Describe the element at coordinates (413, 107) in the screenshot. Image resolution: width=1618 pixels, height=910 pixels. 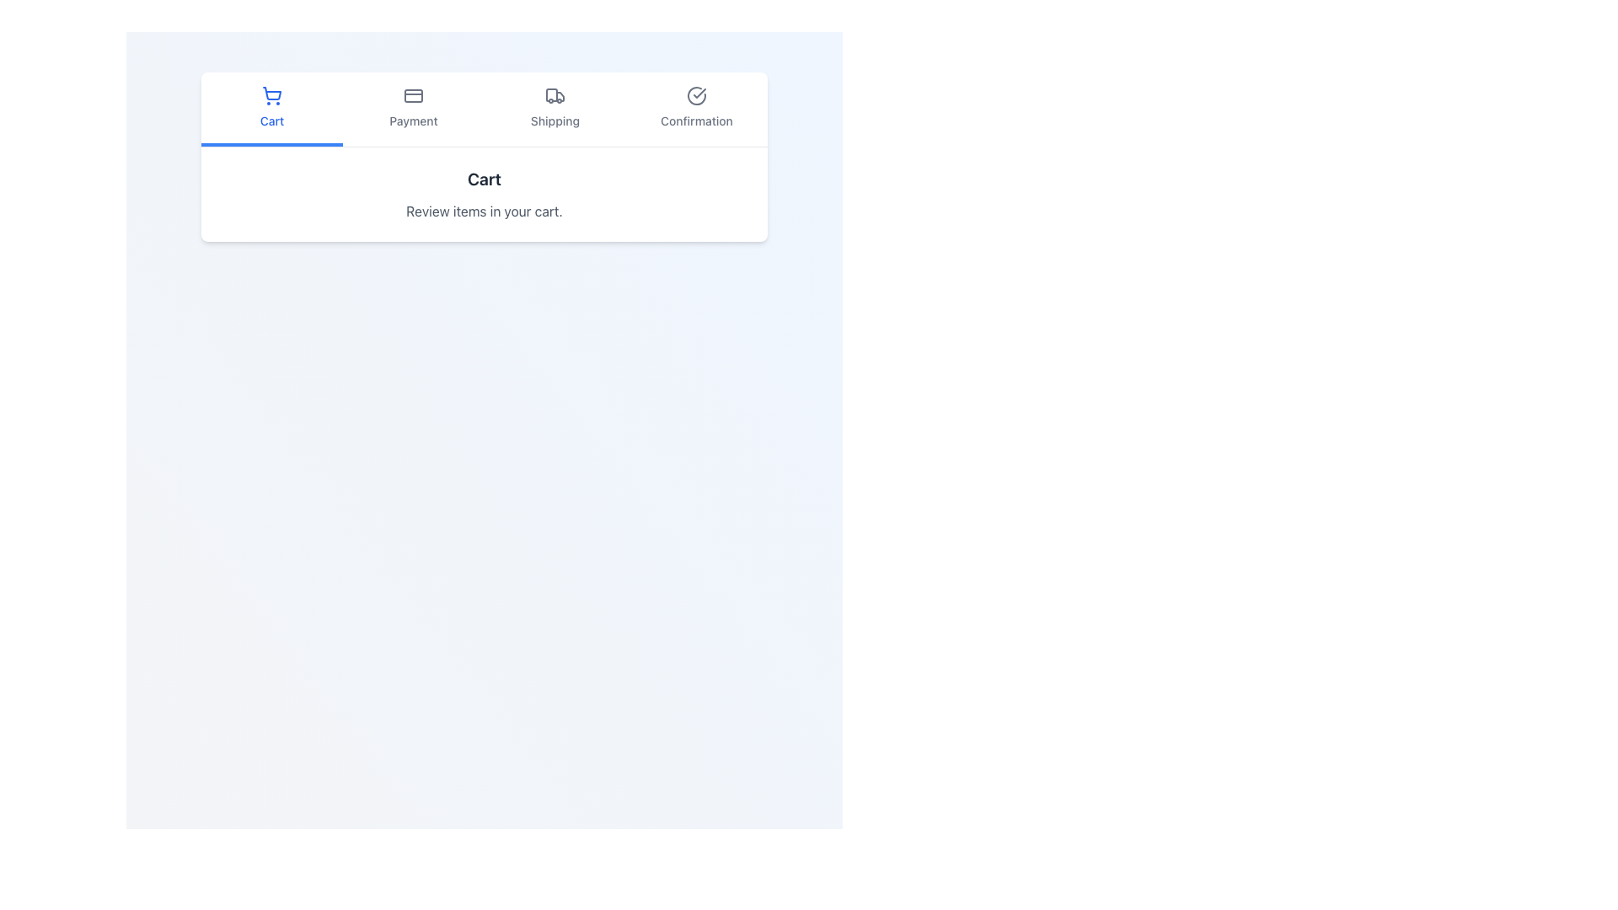
I see `the 'Payment' interactive navigation link, which is the second option in the horizontal navigation bar, to potentially reveal a tooltip or highlight it` at that location.